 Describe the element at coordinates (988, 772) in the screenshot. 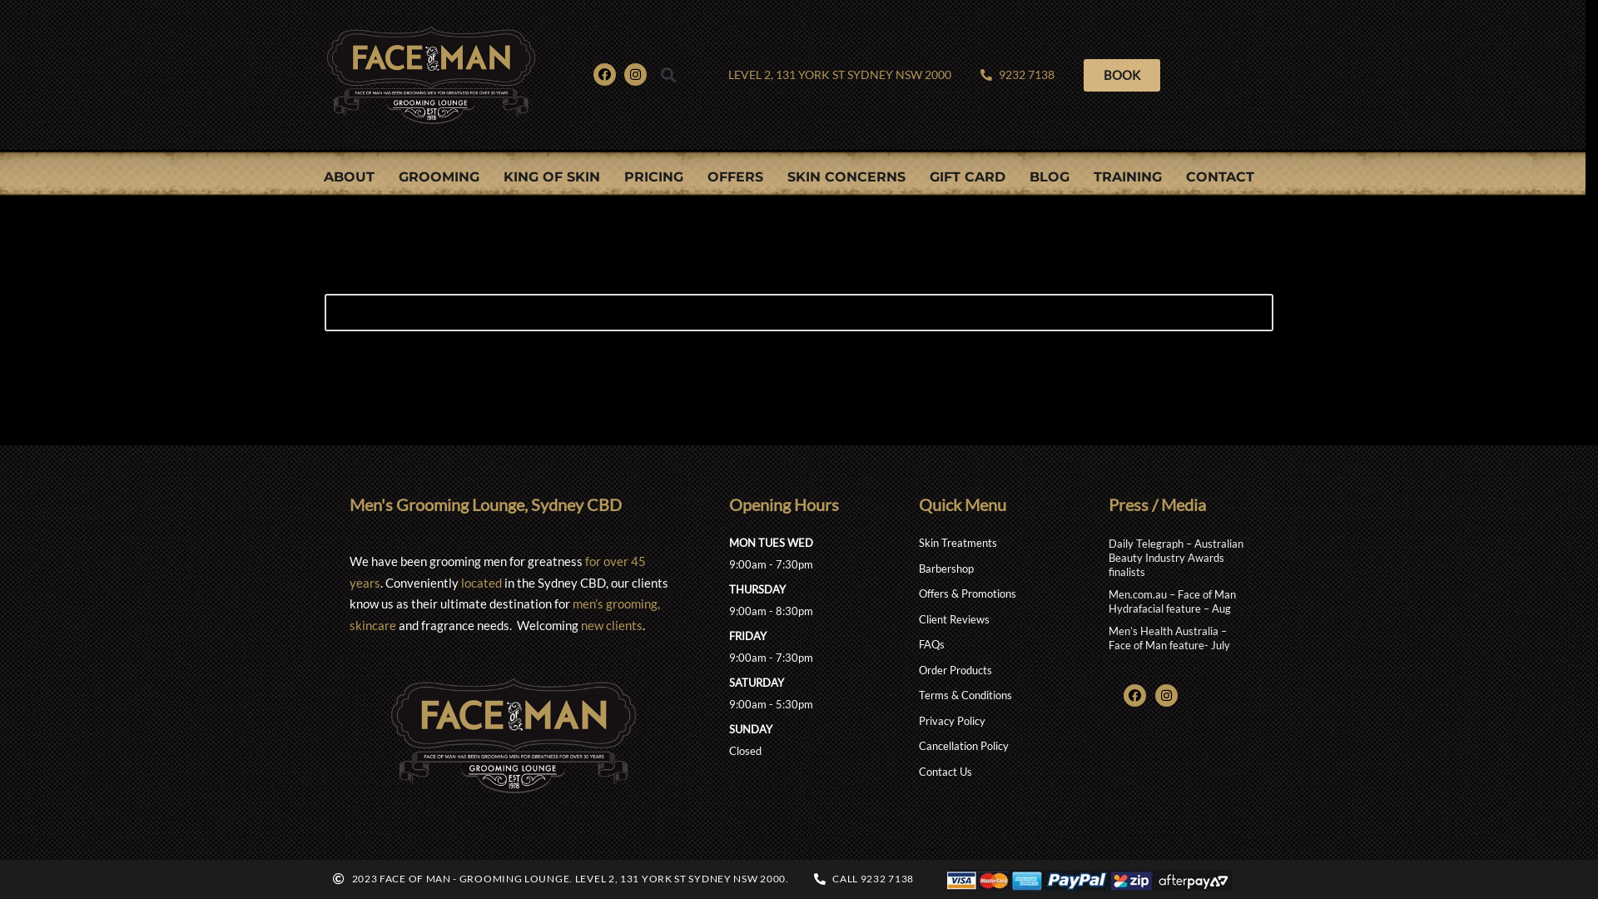

I see `'Contact Us'` at that location.